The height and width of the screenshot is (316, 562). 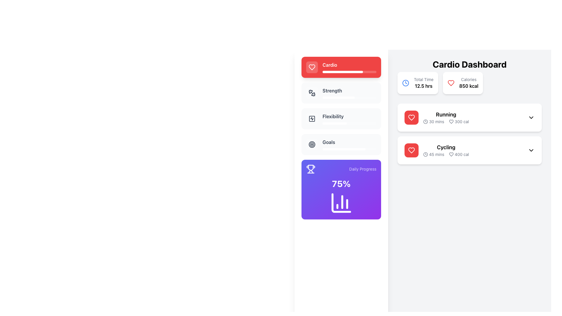 What do you see at coordinates (362, 169) in the screenshot?
I see `the label or descriptive text located in the upper middle-right of the purple section of the dashboard interface, which serves as a title for the associated section` at bounding box center [362, 169].